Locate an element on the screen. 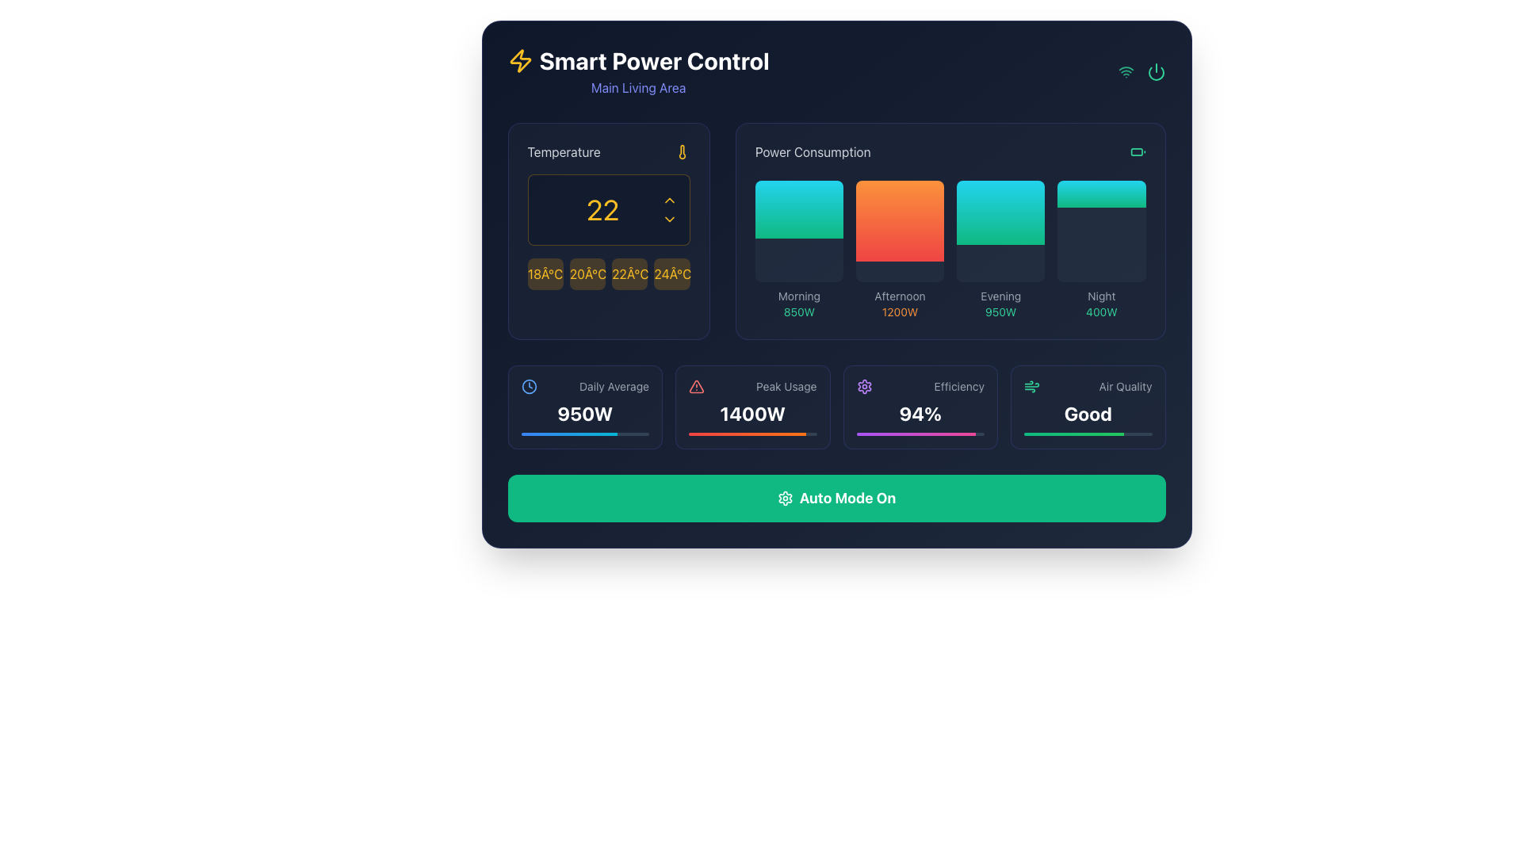 This screenshot has height=856, width=1522. the Interactive temperature control panel to interact with its elements, including the up and down arrows and preset temperature values is located at coordinates (608, 231).